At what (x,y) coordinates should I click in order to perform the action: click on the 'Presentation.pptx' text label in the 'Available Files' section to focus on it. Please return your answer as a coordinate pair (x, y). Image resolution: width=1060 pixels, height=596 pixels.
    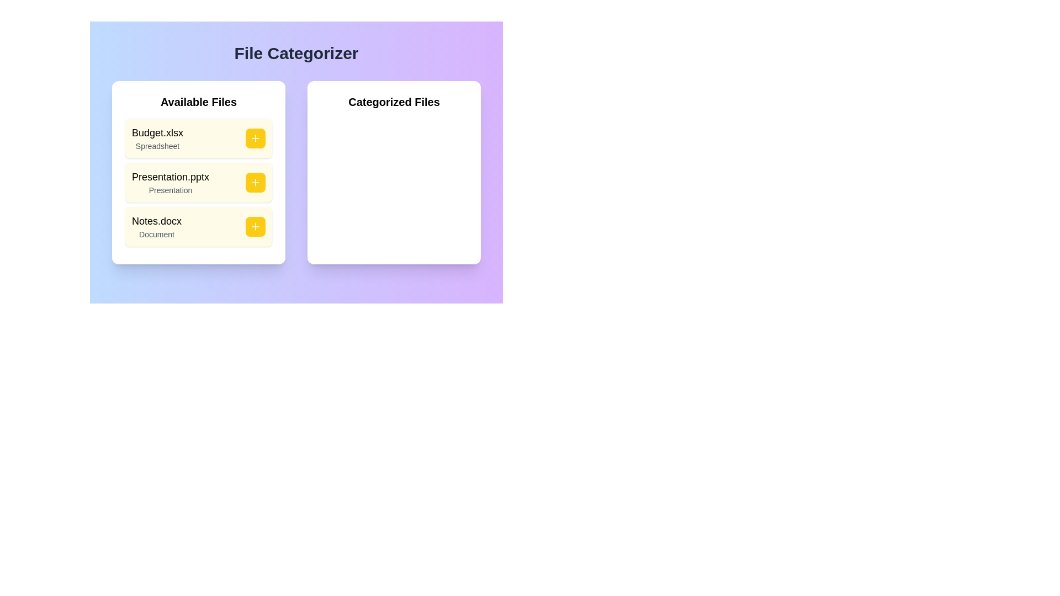
    Looking at the image, I should click on (170, 182).